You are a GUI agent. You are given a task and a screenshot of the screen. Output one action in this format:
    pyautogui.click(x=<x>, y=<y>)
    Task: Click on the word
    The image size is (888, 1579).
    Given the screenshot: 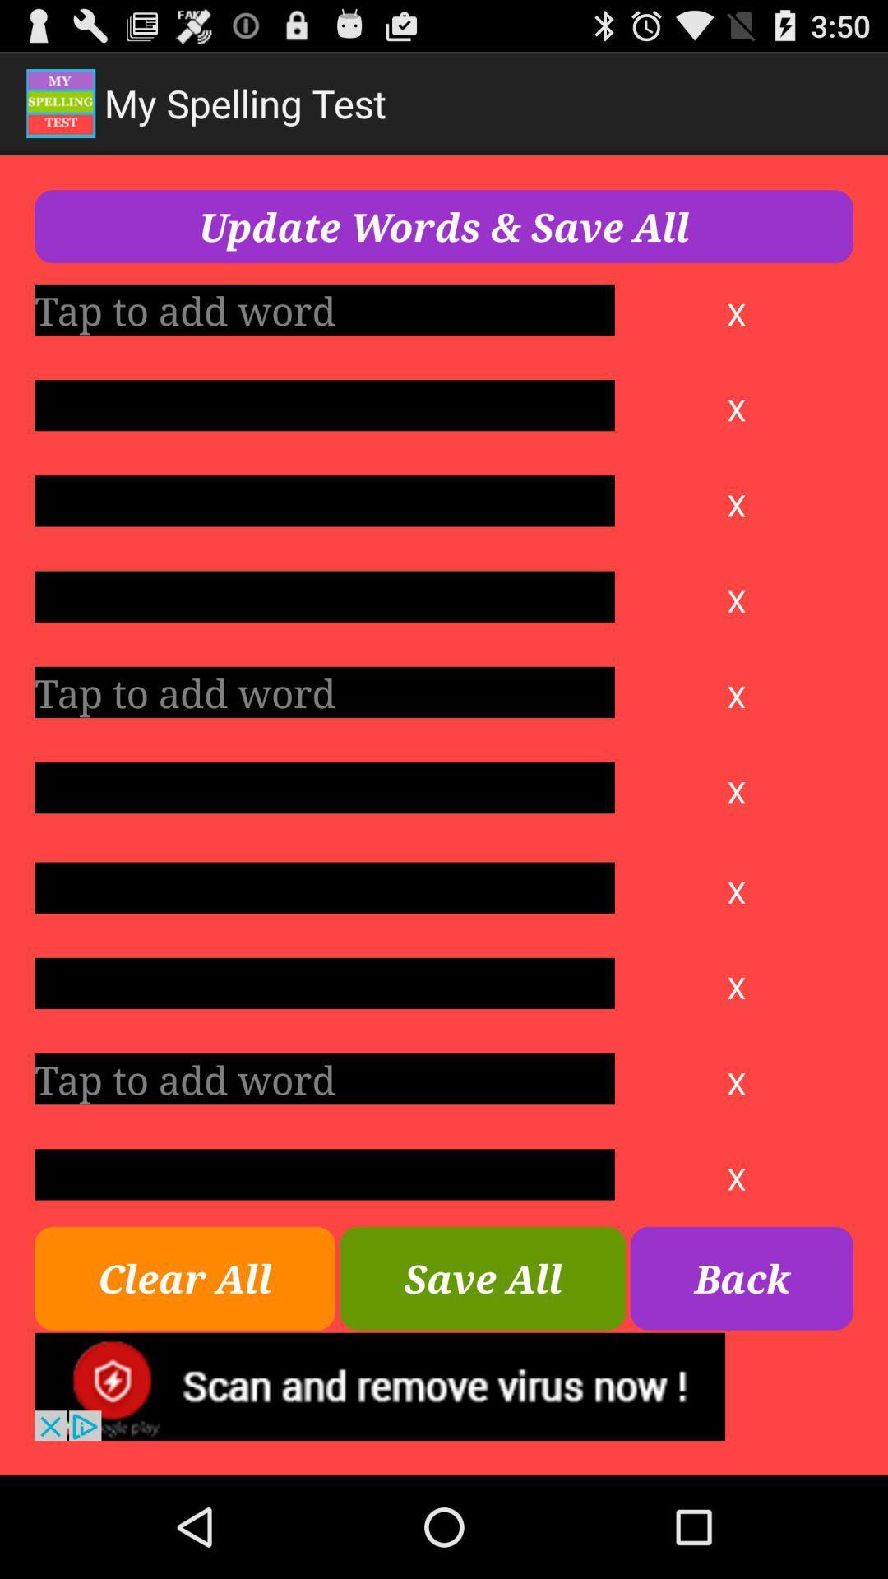 What is the action you would take?
    pyautogui.click(x=324, y=983)
    